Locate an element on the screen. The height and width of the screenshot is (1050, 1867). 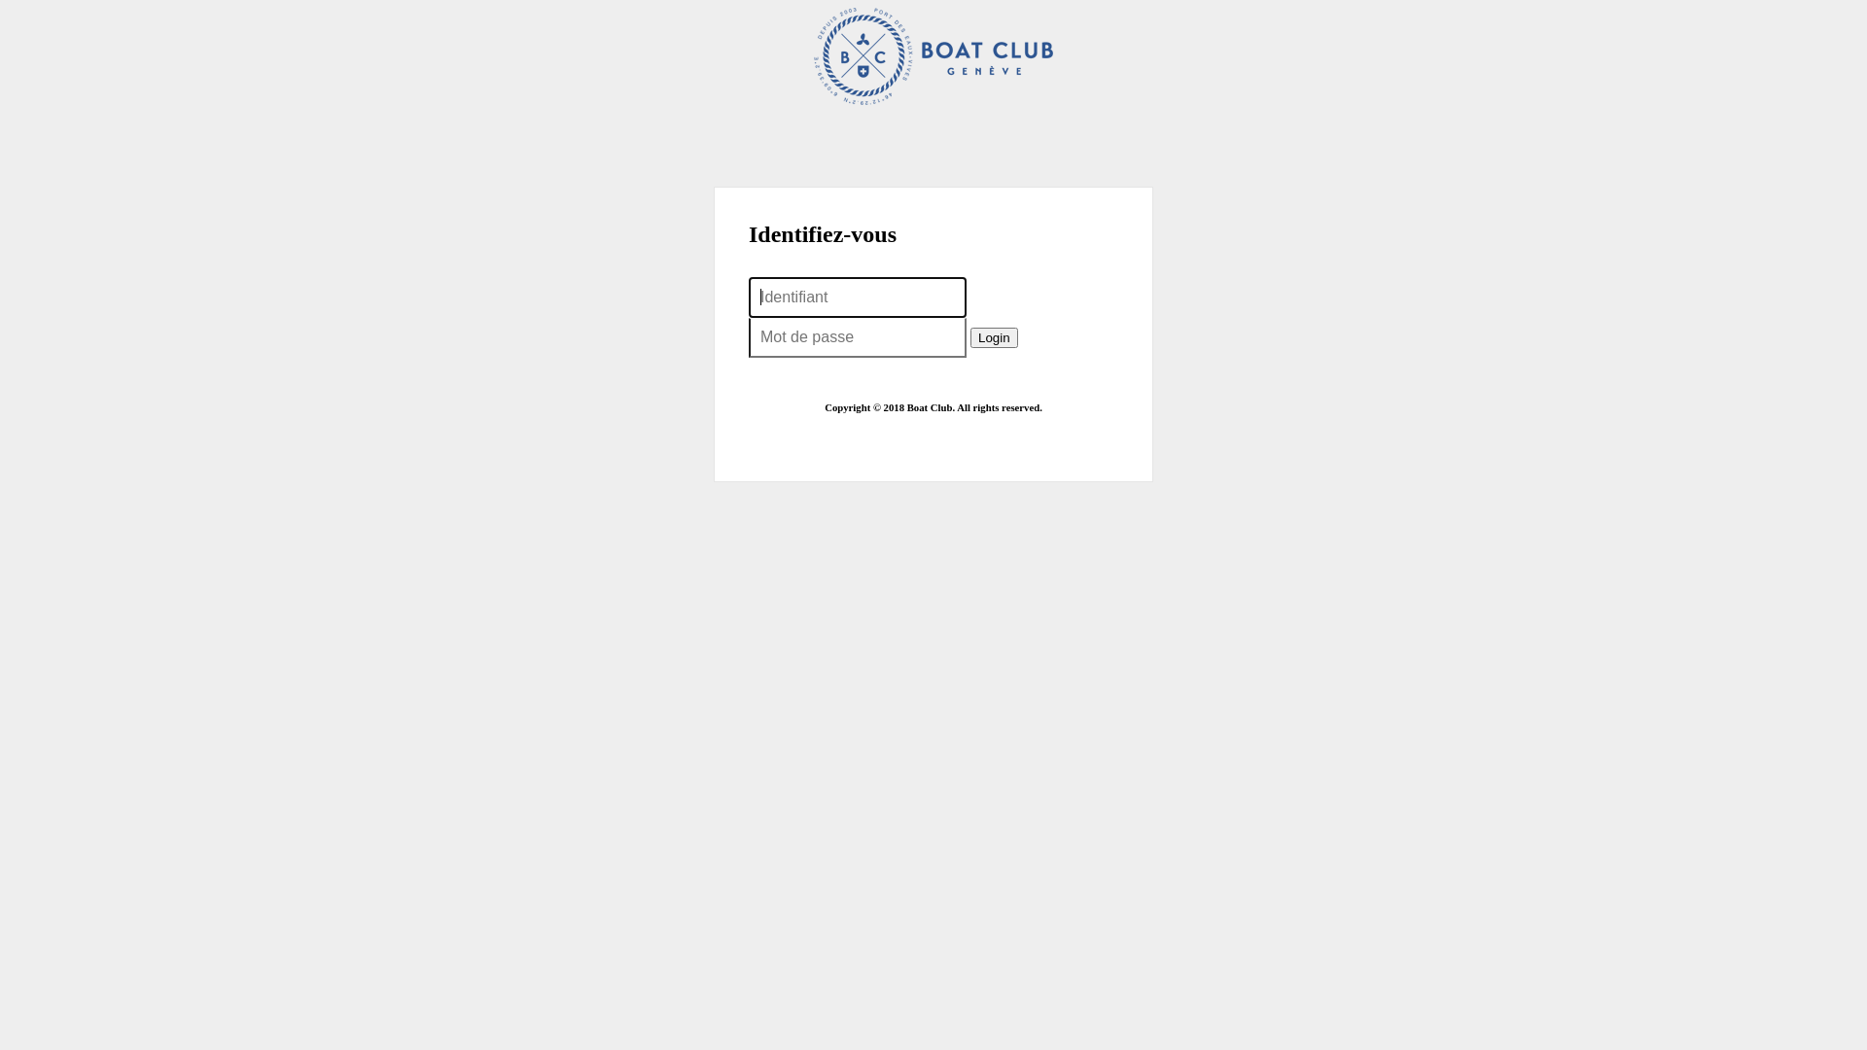
'Login' is located at coordinates (994, 336).